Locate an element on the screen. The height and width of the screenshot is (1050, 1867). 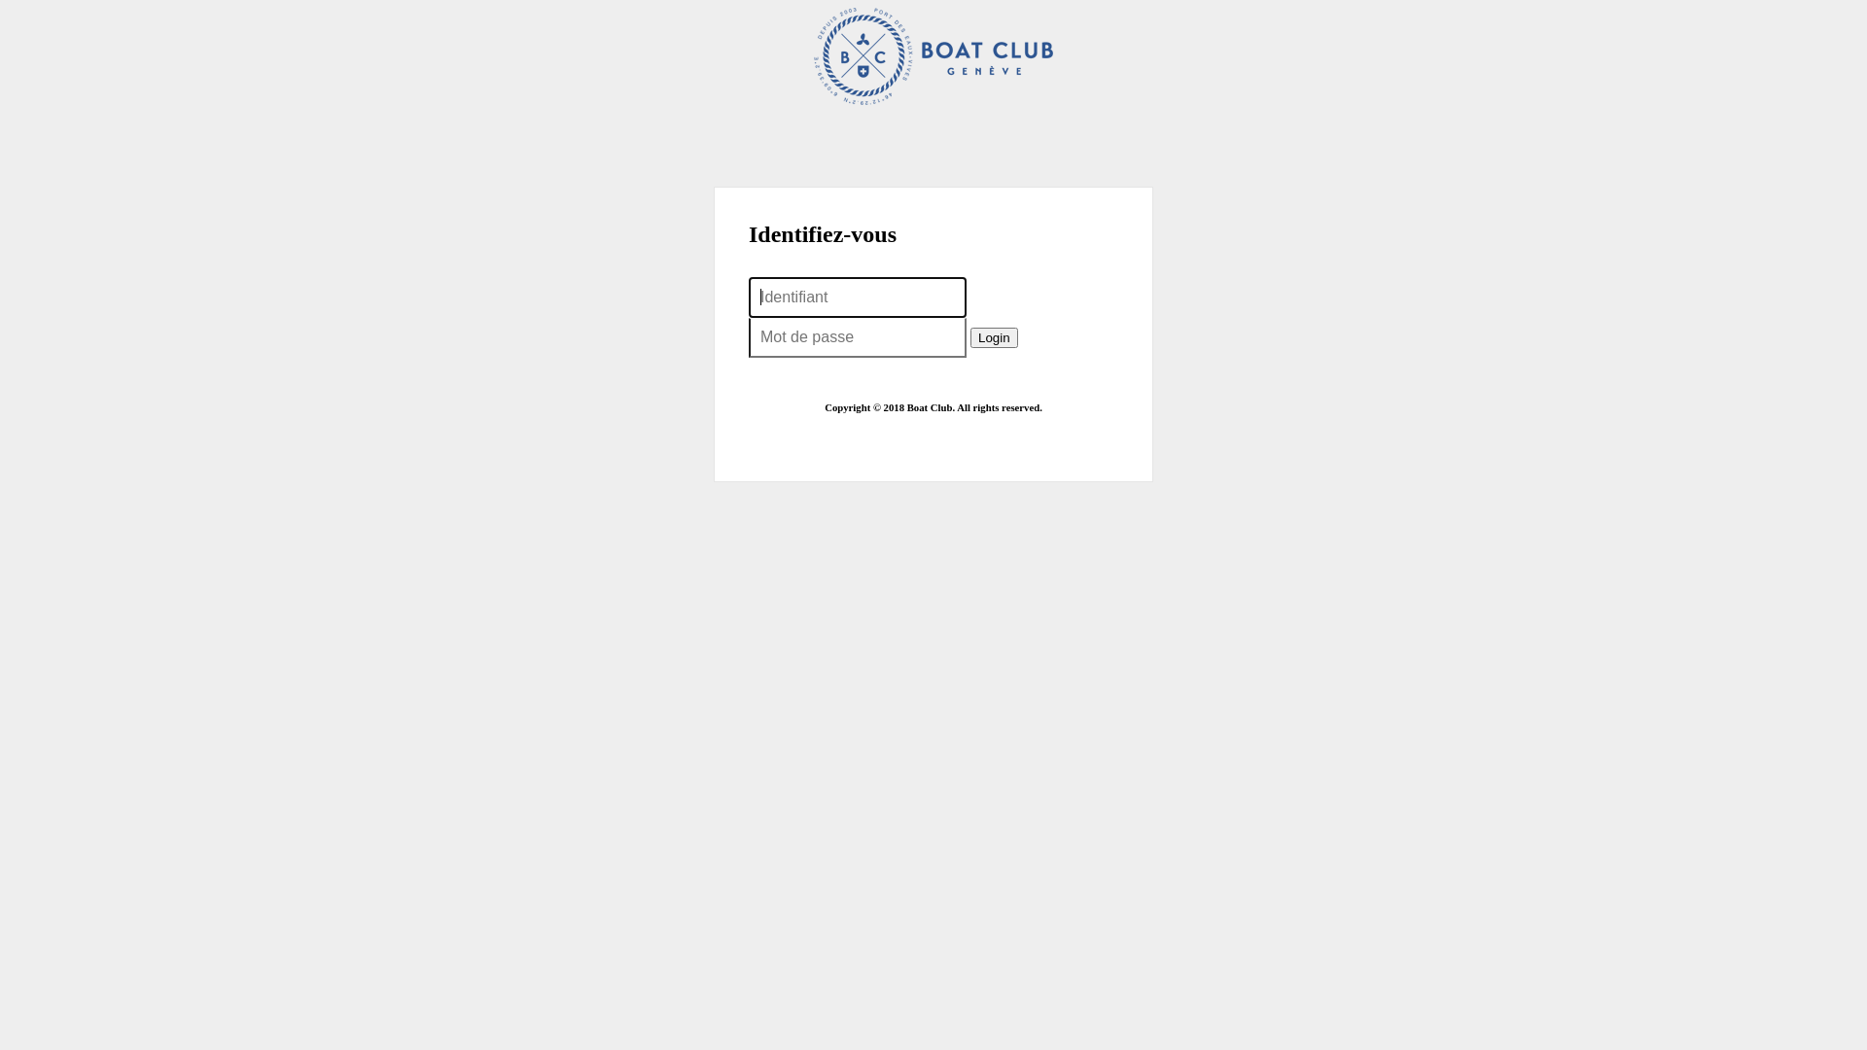
'Login' is located at coordinates (994, 336).